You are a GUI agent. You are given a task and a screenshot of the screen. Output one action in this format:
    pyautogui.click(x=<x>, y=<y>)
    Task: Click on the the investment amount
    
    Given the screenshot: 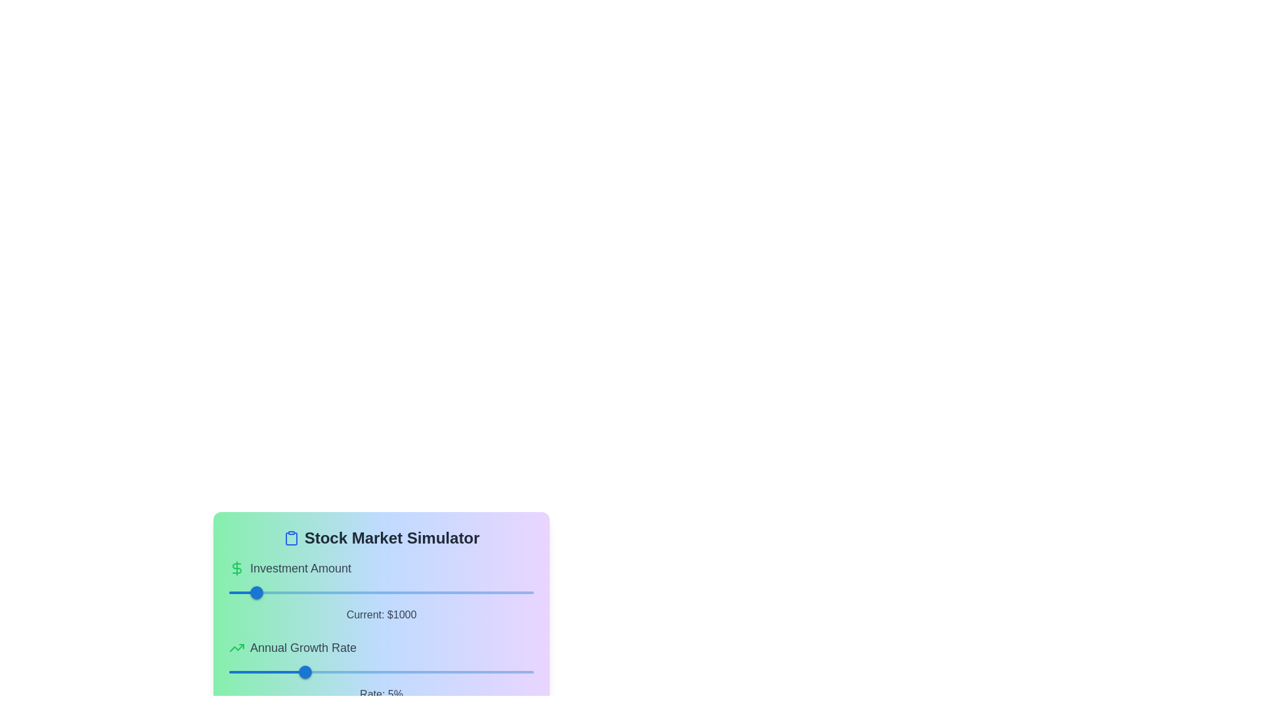 What is the action you would take?
    pyautogui.click(x=516, y=592)
    